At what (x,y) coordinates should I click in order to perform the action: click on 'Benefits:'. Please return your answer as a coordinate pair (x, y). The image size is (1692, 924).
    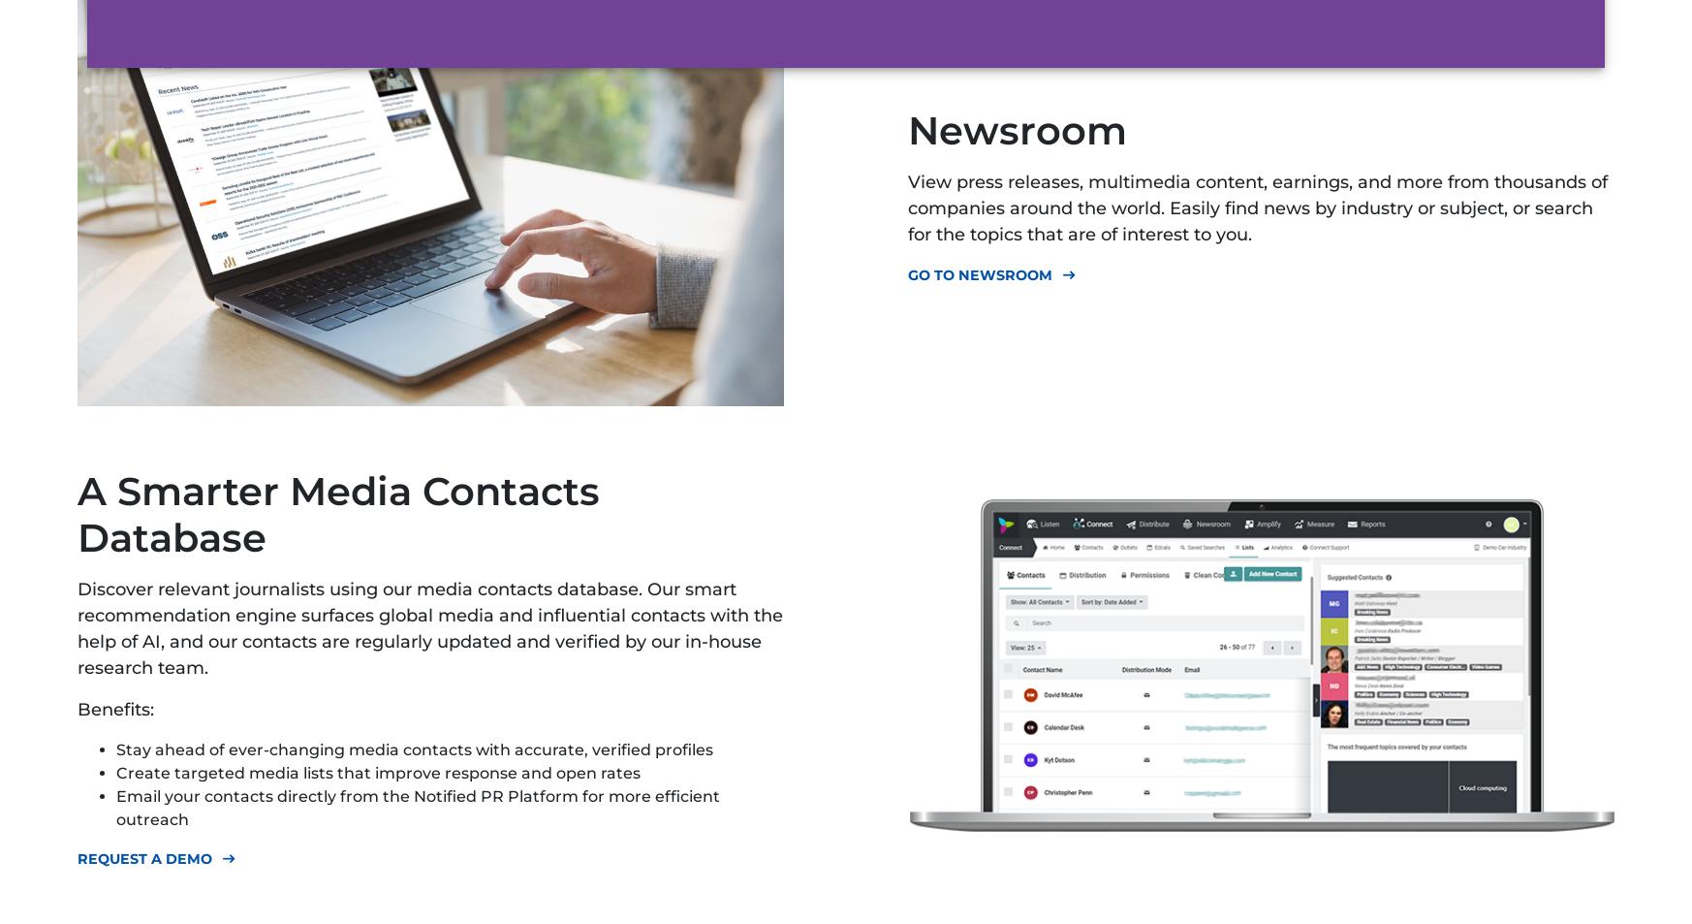
    Looking at the image, I should click on (76, 709).